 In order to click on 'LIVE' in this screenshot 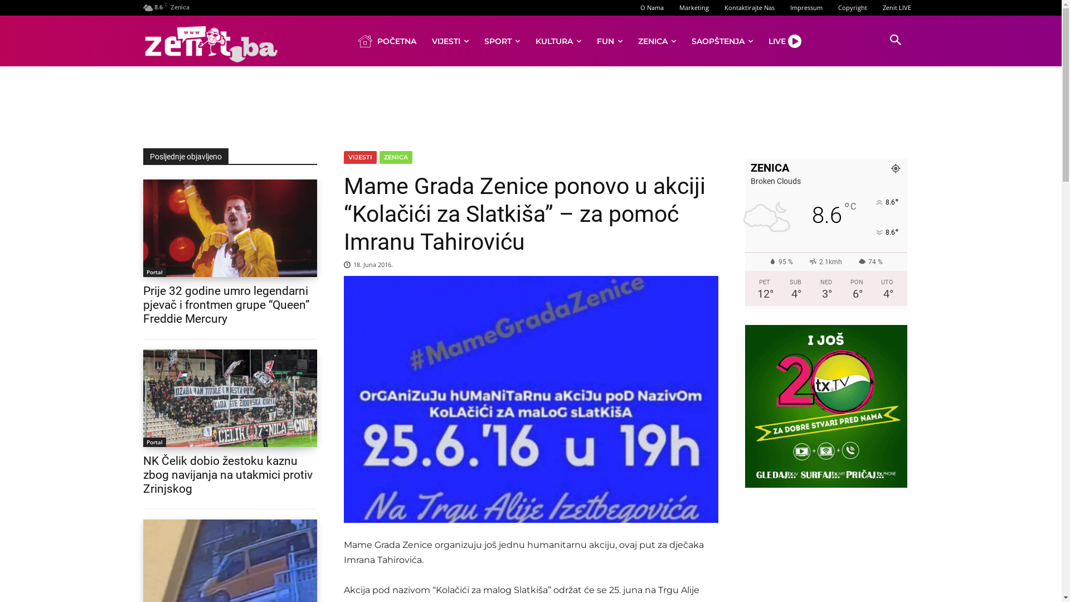, I will do `click(786, 40)`.